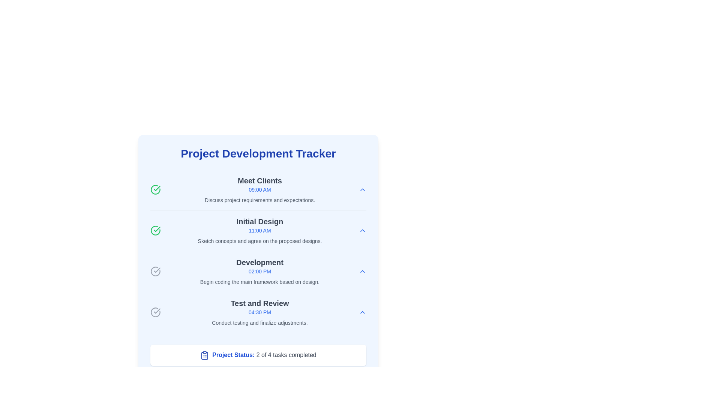  I want to click on the small upward-pointing blue chevron icon located at the far right of the 'Meet Clients' section, so click(362, 189).